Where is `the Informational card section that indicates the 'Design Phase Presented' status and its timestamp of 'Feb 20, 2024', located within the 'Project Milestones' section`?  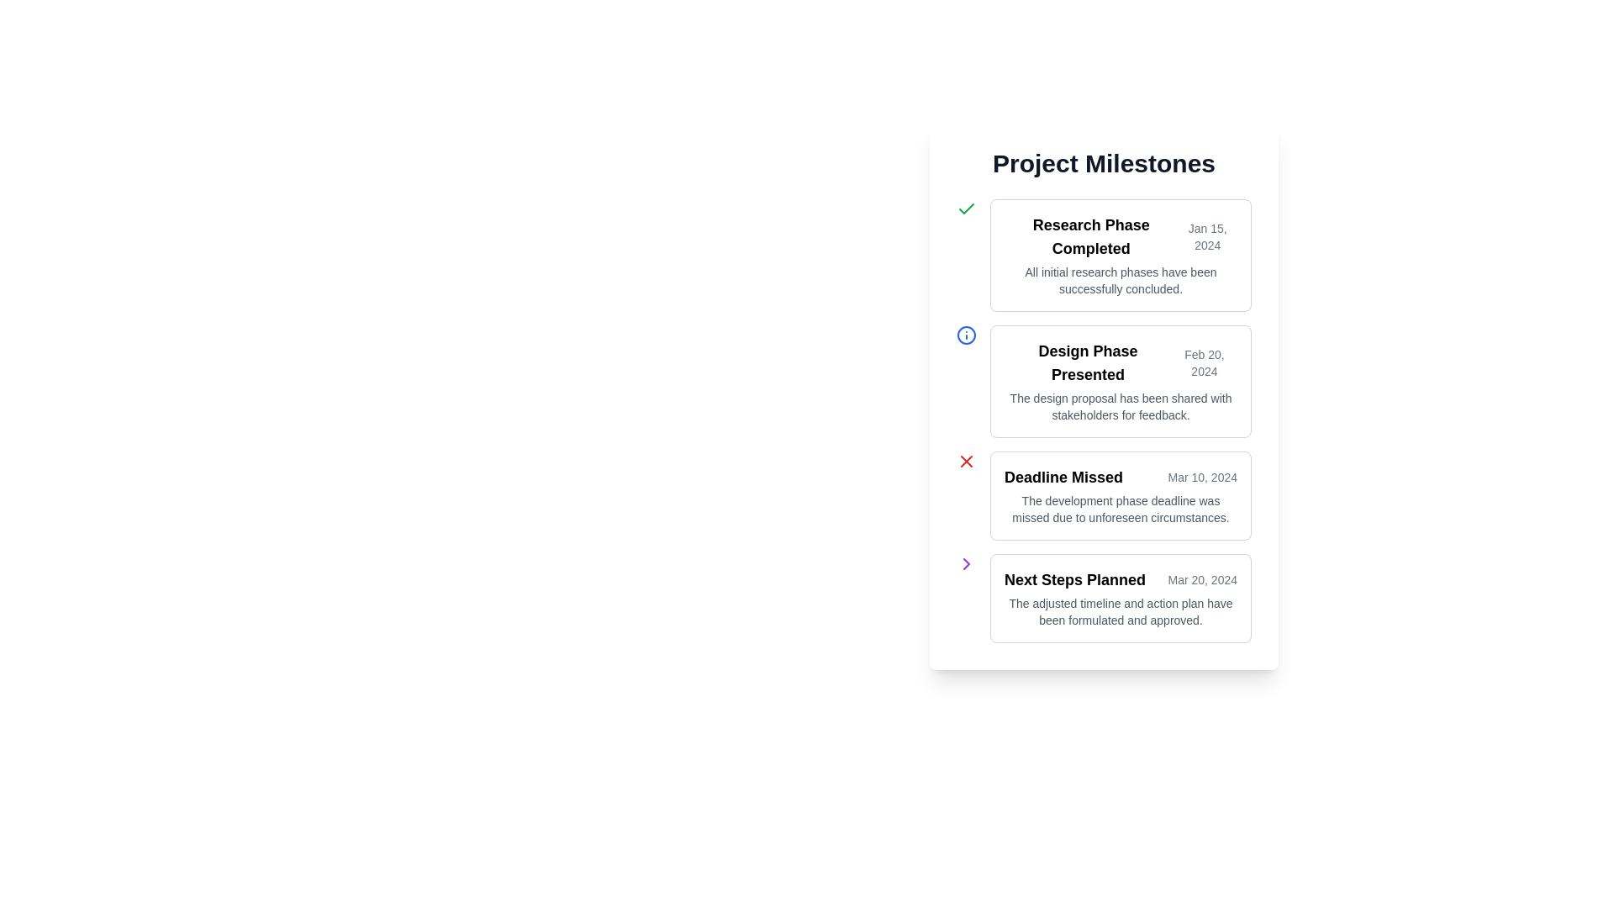 the Informational card section that indicates the 'Design Phase Presented' status and its timestamp of 'Feb 20, 2024', located within the 'Project Milestones' section is located at coordinates (1121, 362).